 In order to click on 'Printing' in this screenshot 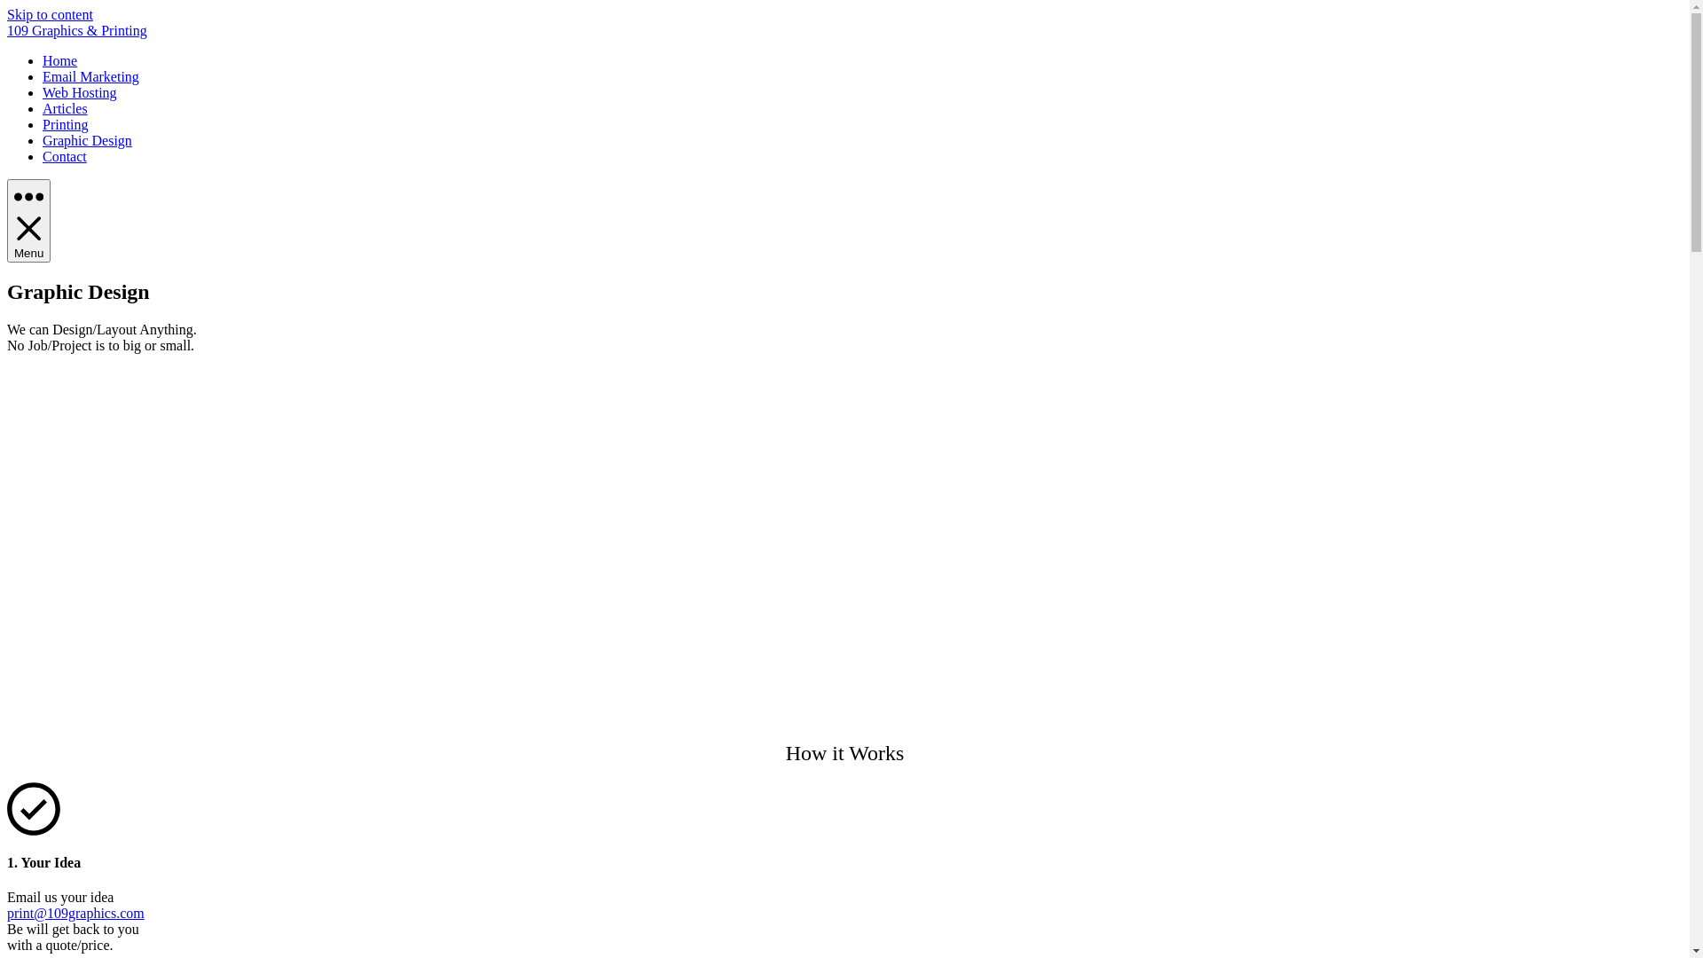, I will do `click(43, 123)`.